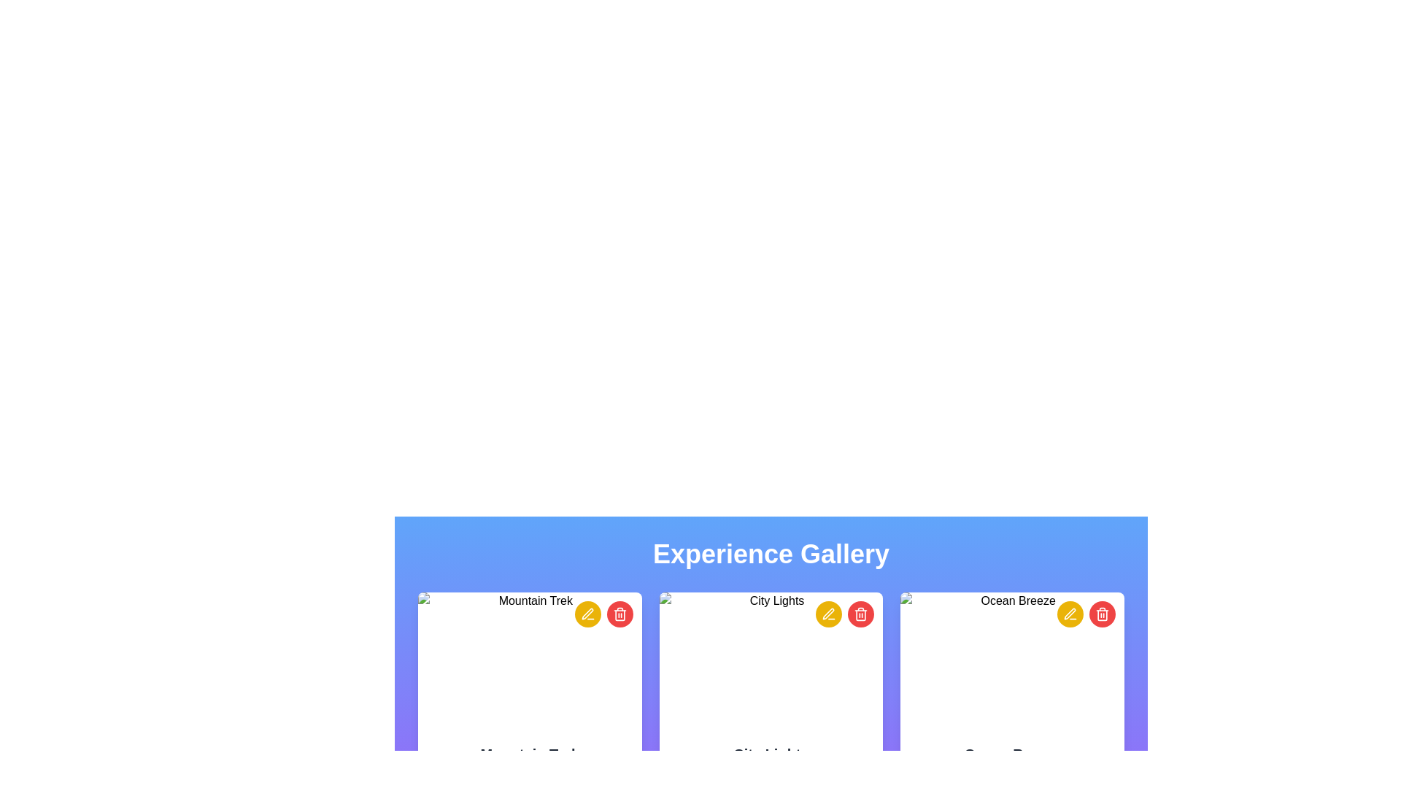 Image resolution: width=1401 pixels, height=788 pixels. What do you see at coordinates (1070, 614) in the screenshot?
I see `the pen or pencil icon button with a yellow fill, located within the card titled 'Ocean Breeze'` at bounding box center [1070, 614].